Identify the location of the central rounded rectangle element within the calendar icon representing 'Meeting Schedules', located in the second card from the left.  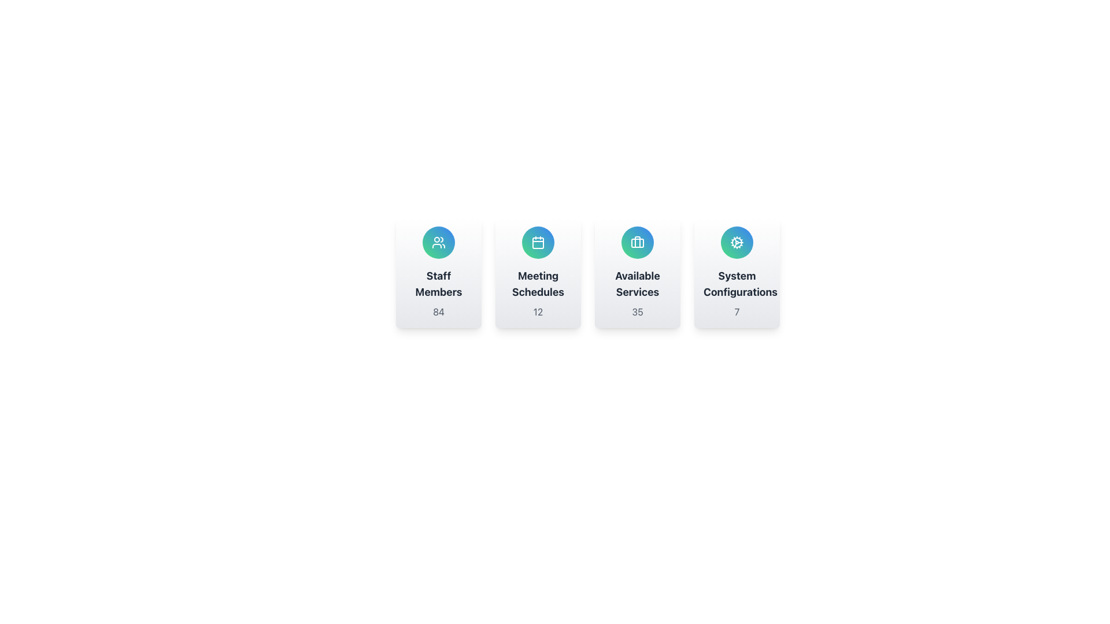
(538, 242).